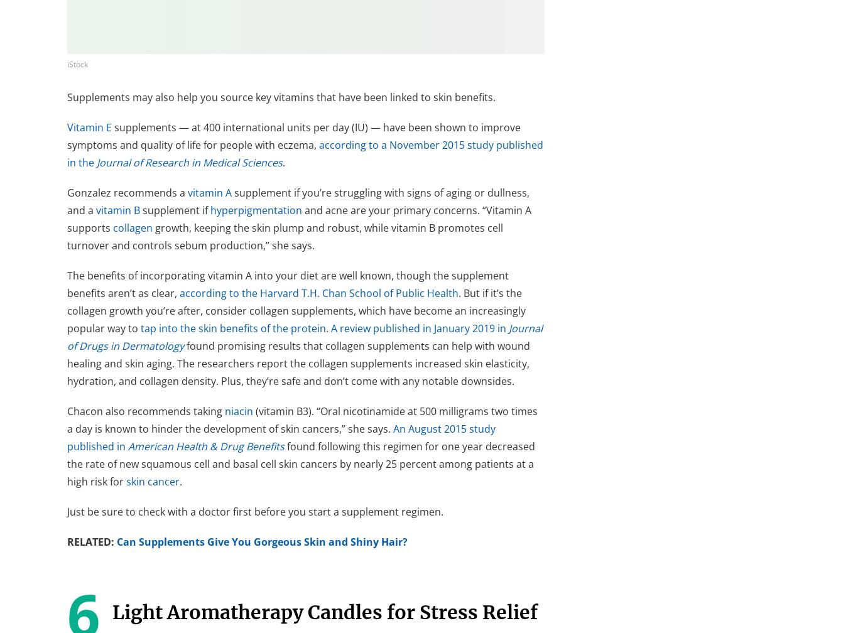 Image resolution: width=858 pixels, height=633 pixels. Describe the element at coordinates (419, 328) in the screenshot. I see `'A review published in January 2019 in'` at that location.